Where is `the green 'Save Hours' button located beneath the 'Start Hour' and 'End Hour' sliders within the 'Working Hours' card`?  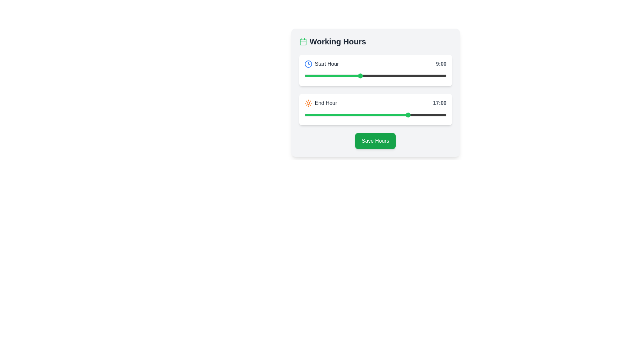 the green 'Save Hours' button located beneath the 'Start Hour' and 'End Hour' sliders within the 'Working Hours' card is located at coordinates (375, 140).